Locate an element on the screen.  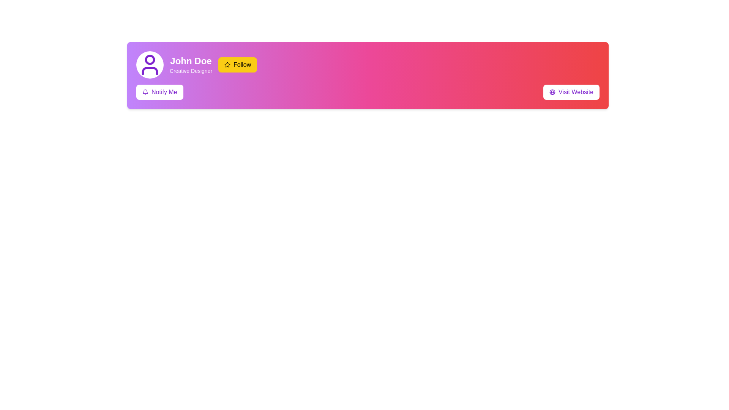
the user profile icon located in the top left corner of the purple gradient panel, next to the 'John Doe' text, above the 'Notify Me' button is located at coordinates (150, 64).